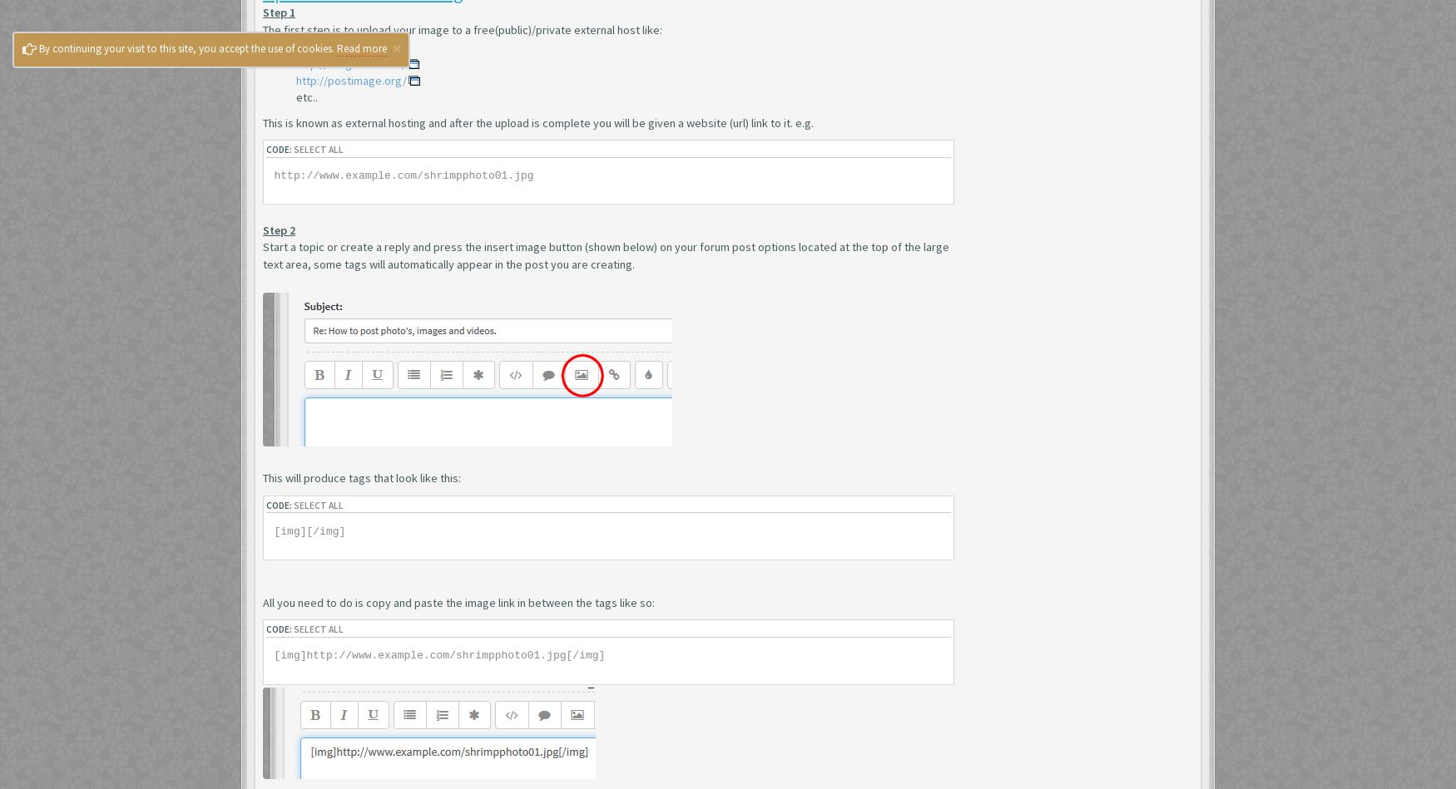  What do you see at coordinates (310, 530) in the screenshot?
I see `'[img][/img]'` at bounding box center [310, 530].